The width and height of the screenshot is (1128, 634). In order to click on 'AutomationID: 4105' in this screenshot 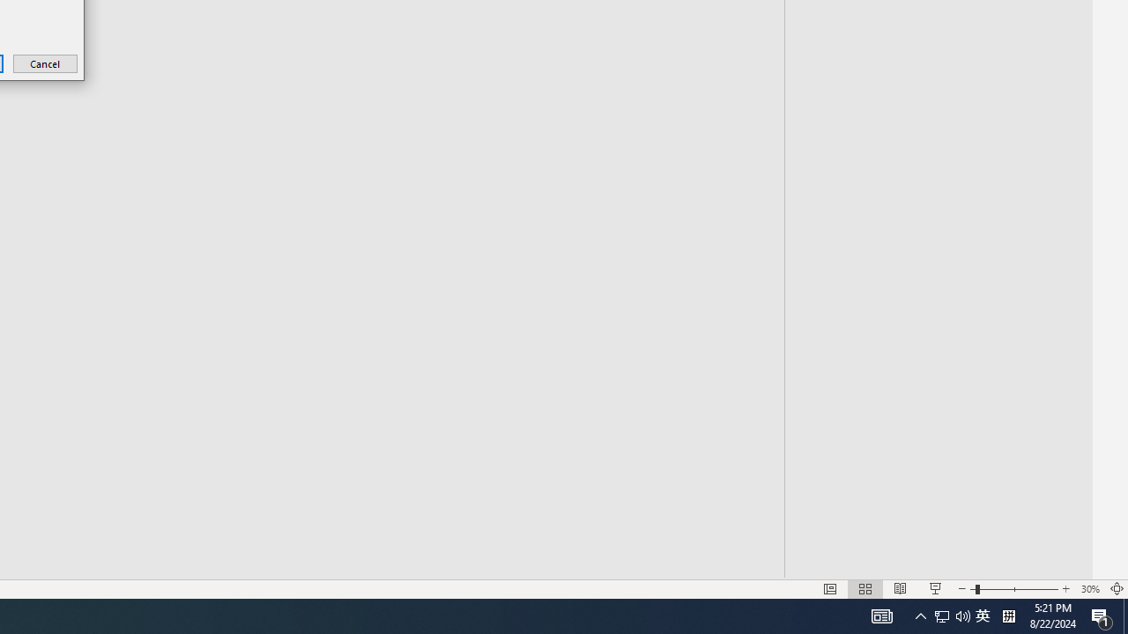, I will do `click(881, 615)`.